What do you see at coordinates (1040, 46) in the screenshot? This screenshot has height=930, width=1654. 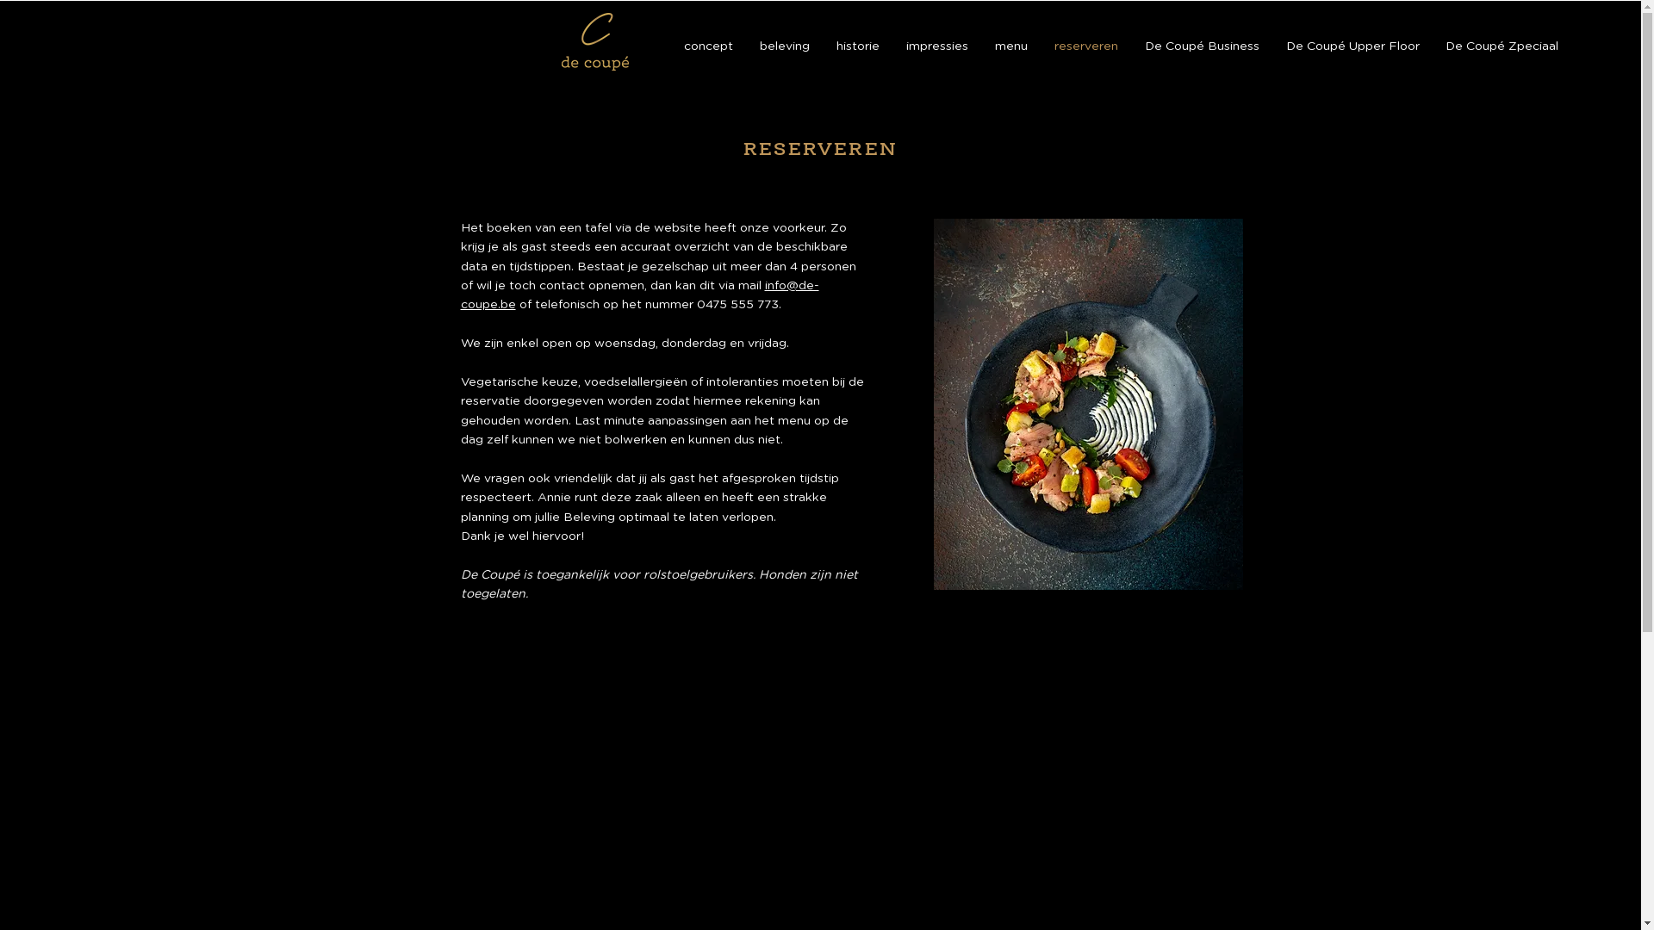 I see `'reserveren'` at bounding box center [1040, 46].